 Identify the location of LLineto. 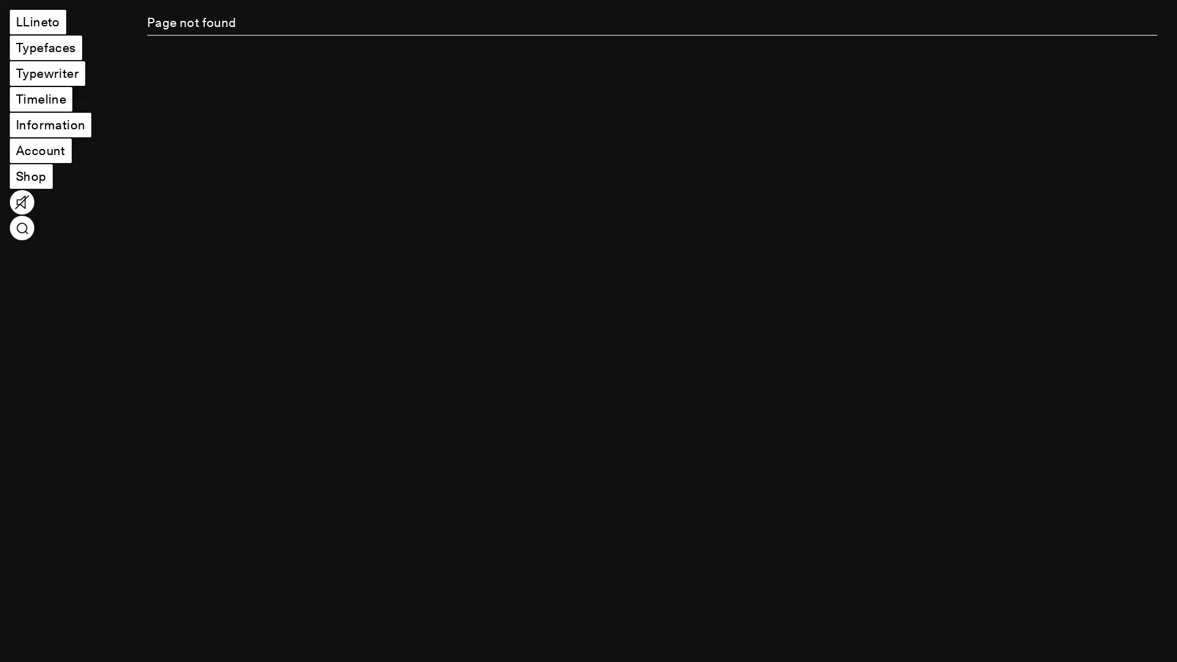
(37, 21).